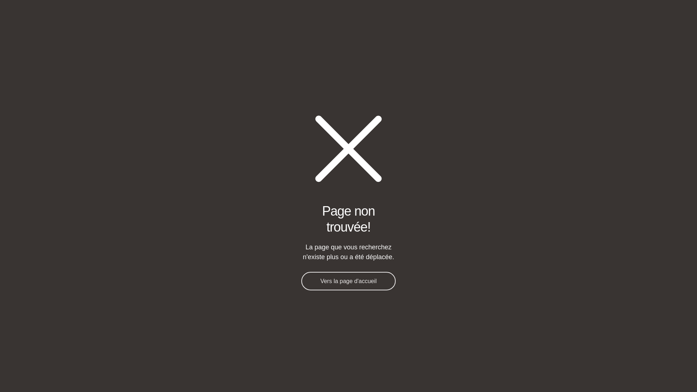  I want to click on 'Vers la page d'accueil', so click(348, 281).